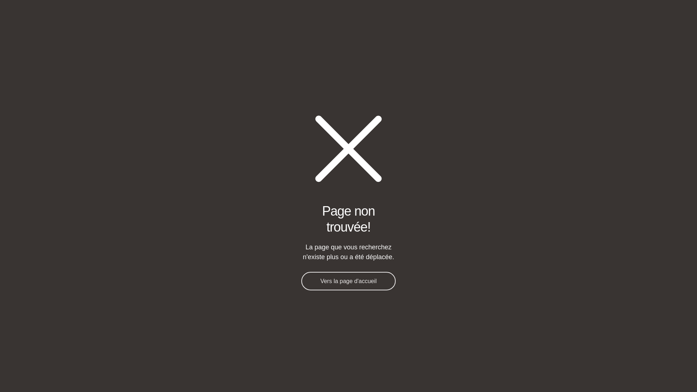  I want to click on 'Vers la page d'accueil', so click(348, 281).